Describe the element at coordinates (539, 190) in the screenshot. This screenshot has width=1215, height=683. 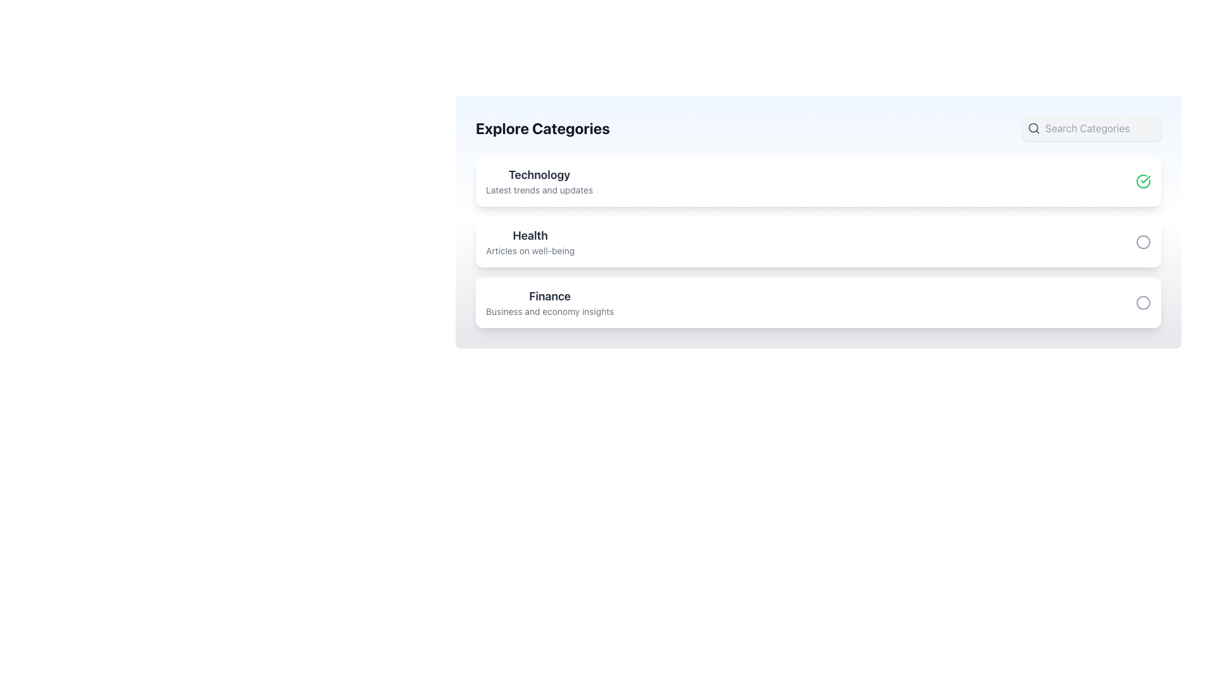
I see `text label that provides additional details under the 'Technology' category, located in the second line of the card-like section` at that location.